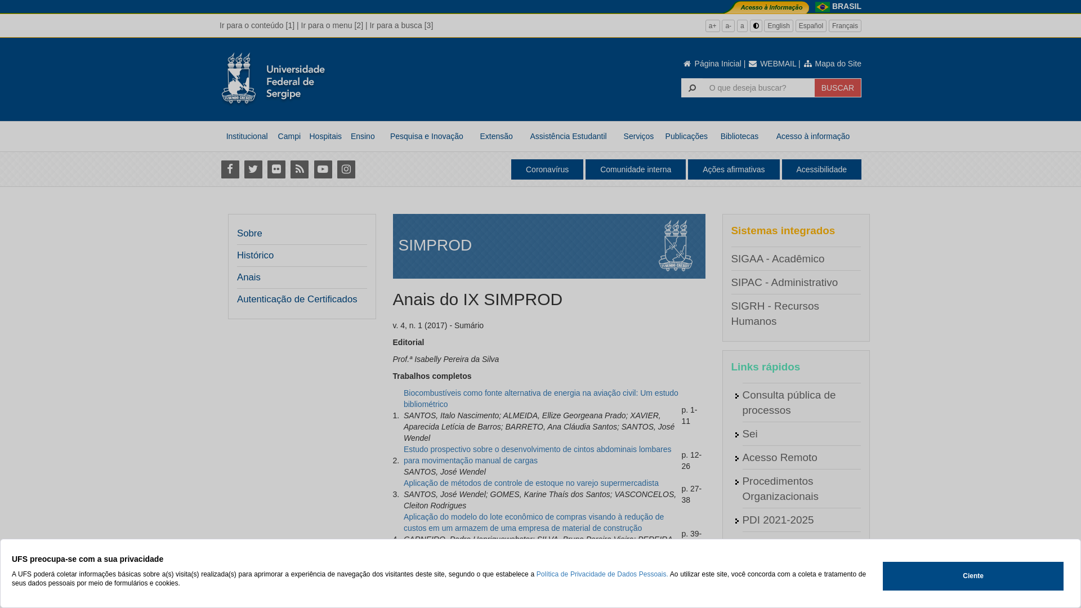  What do you see at coordinates (324, 136) in the screenshot?
I see `'Hospitais'` at bounding box center [324, 136].